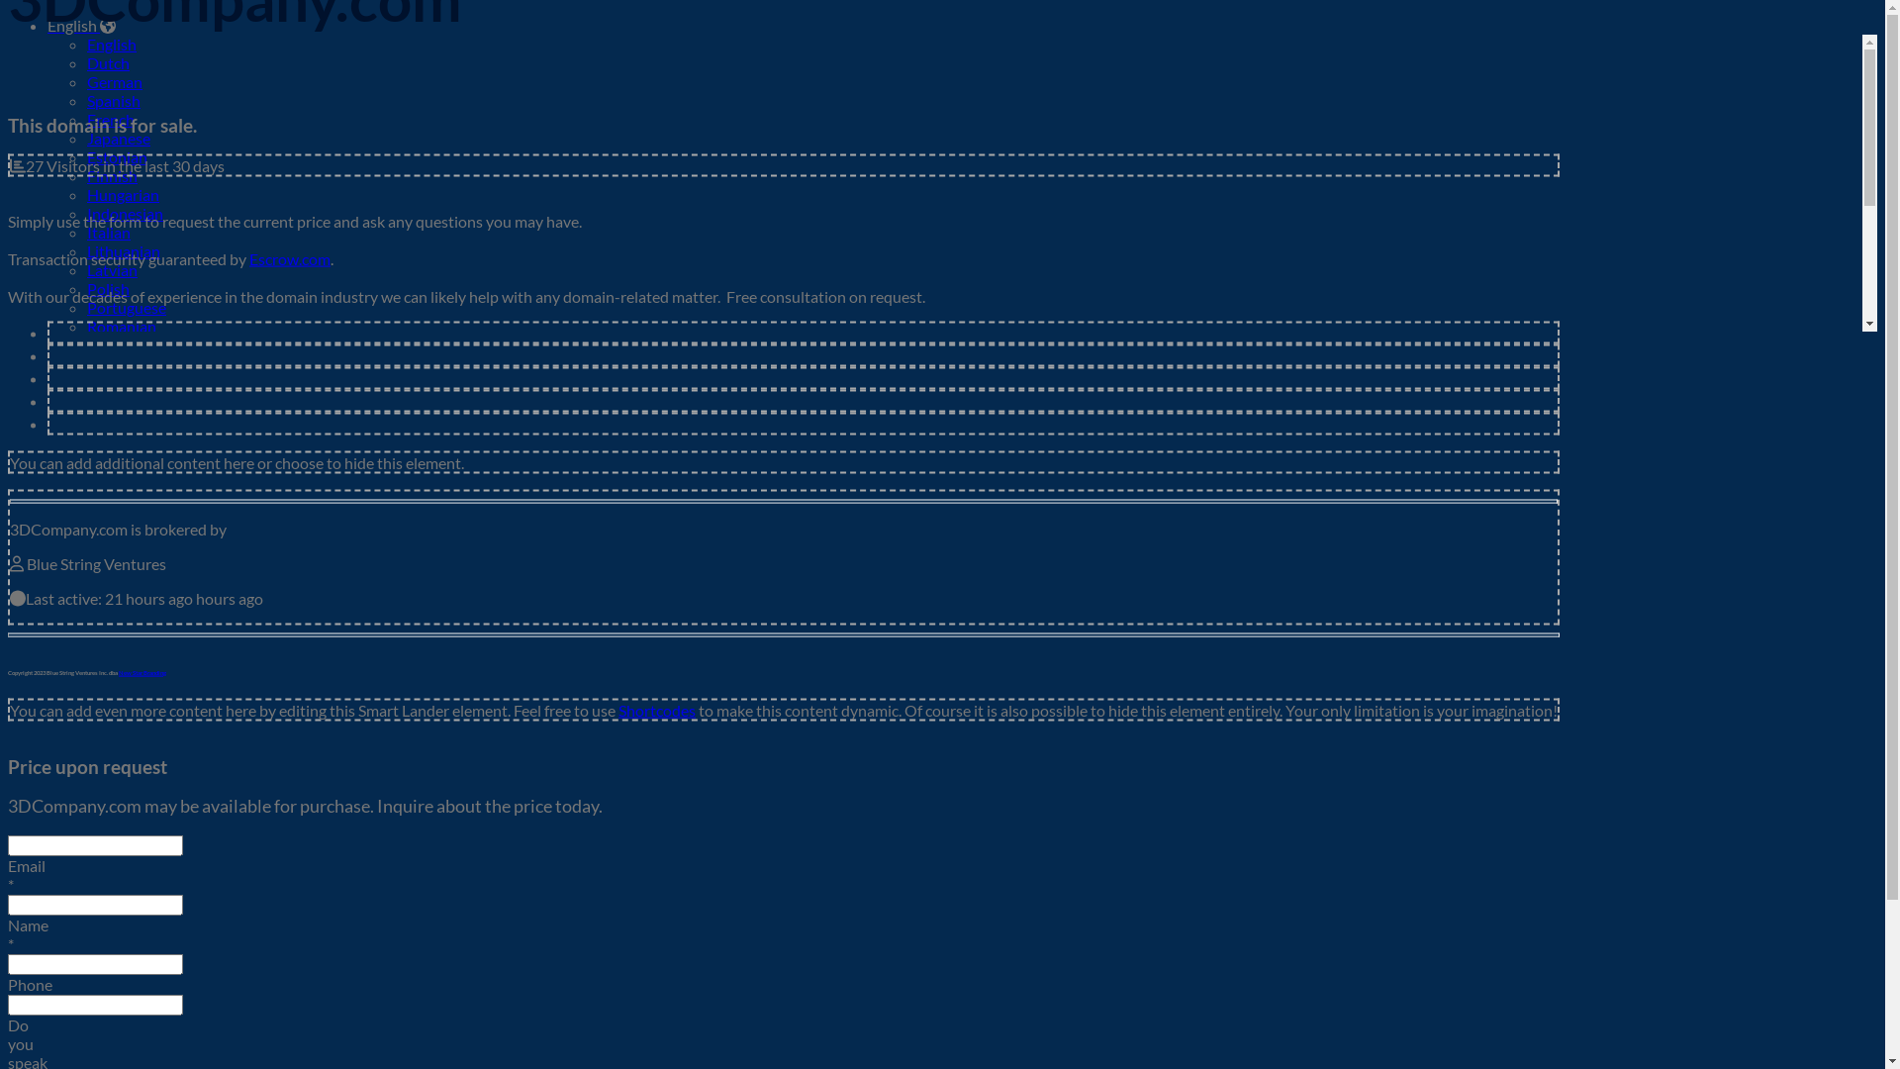  I want to click on 'Estonian', so click(116, 155).